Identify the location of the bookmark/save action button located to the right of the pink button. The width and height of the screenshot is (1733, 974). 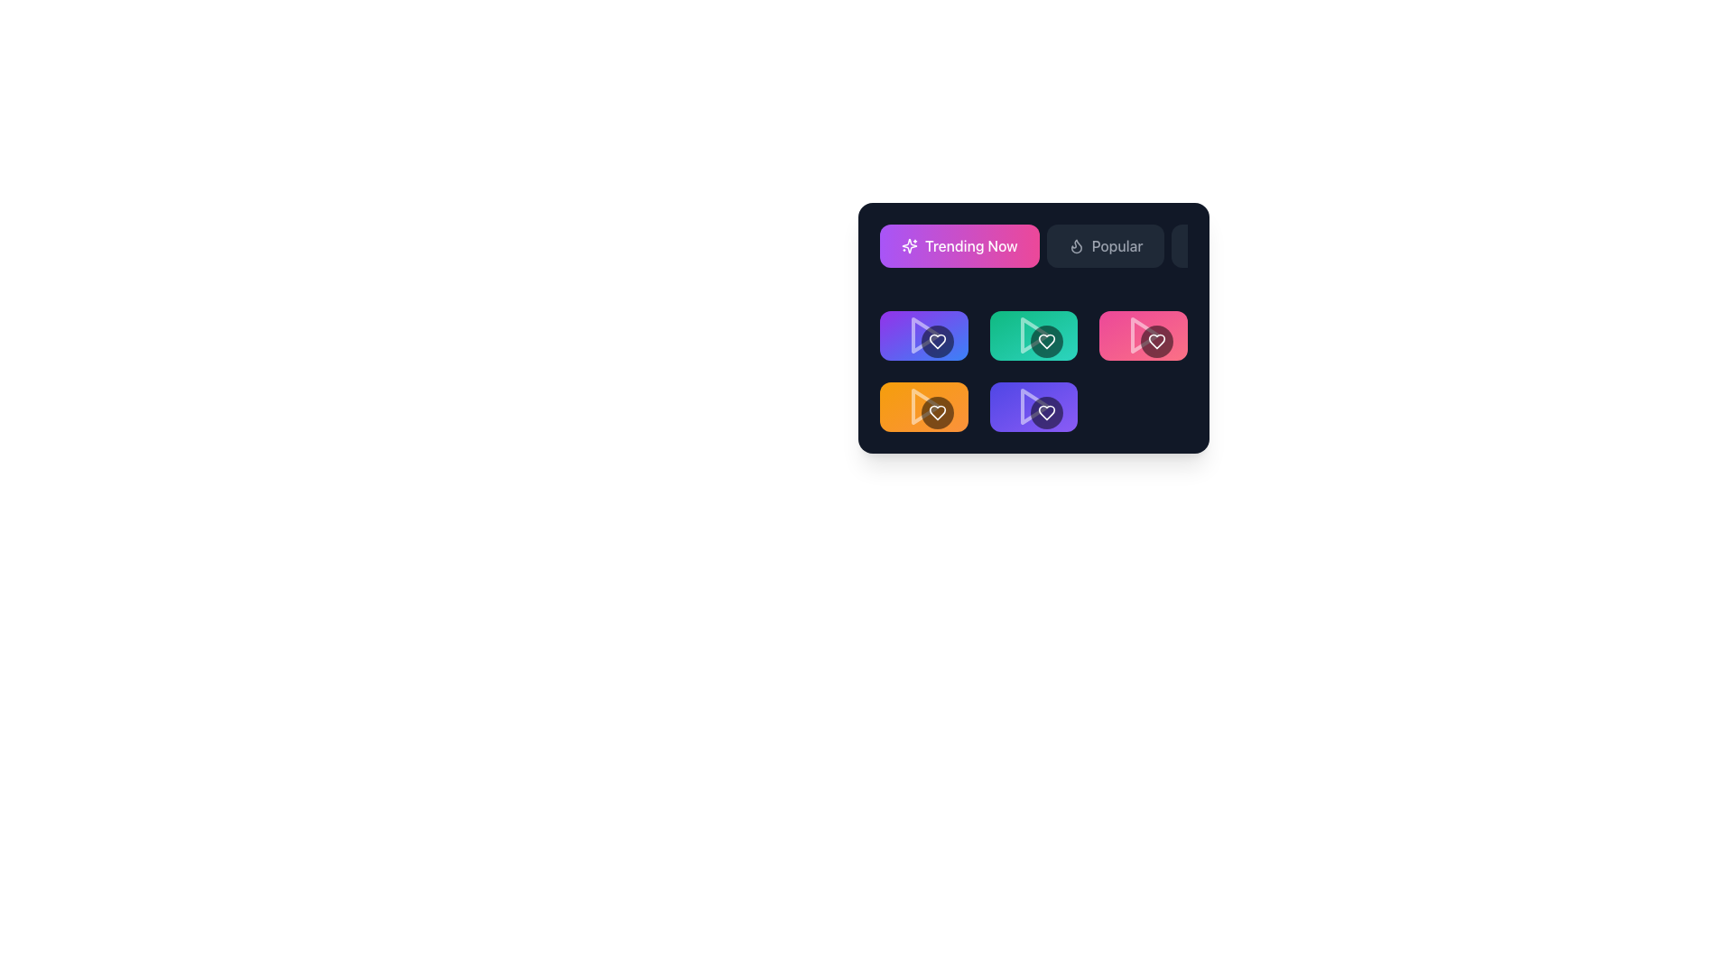
(1191, 327).